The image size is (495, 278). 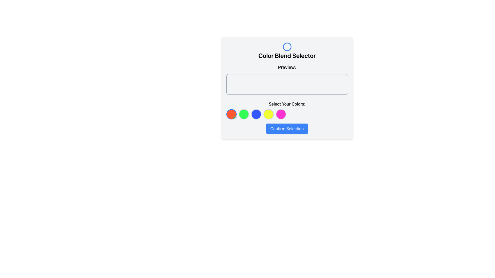 What do you see at coordinates (287, 128) in the screenshot?
I see `the rectangular button with a blue background and white text that reads 'Confirm Selection' to confirm the selection` at bounding box center [287, 128].